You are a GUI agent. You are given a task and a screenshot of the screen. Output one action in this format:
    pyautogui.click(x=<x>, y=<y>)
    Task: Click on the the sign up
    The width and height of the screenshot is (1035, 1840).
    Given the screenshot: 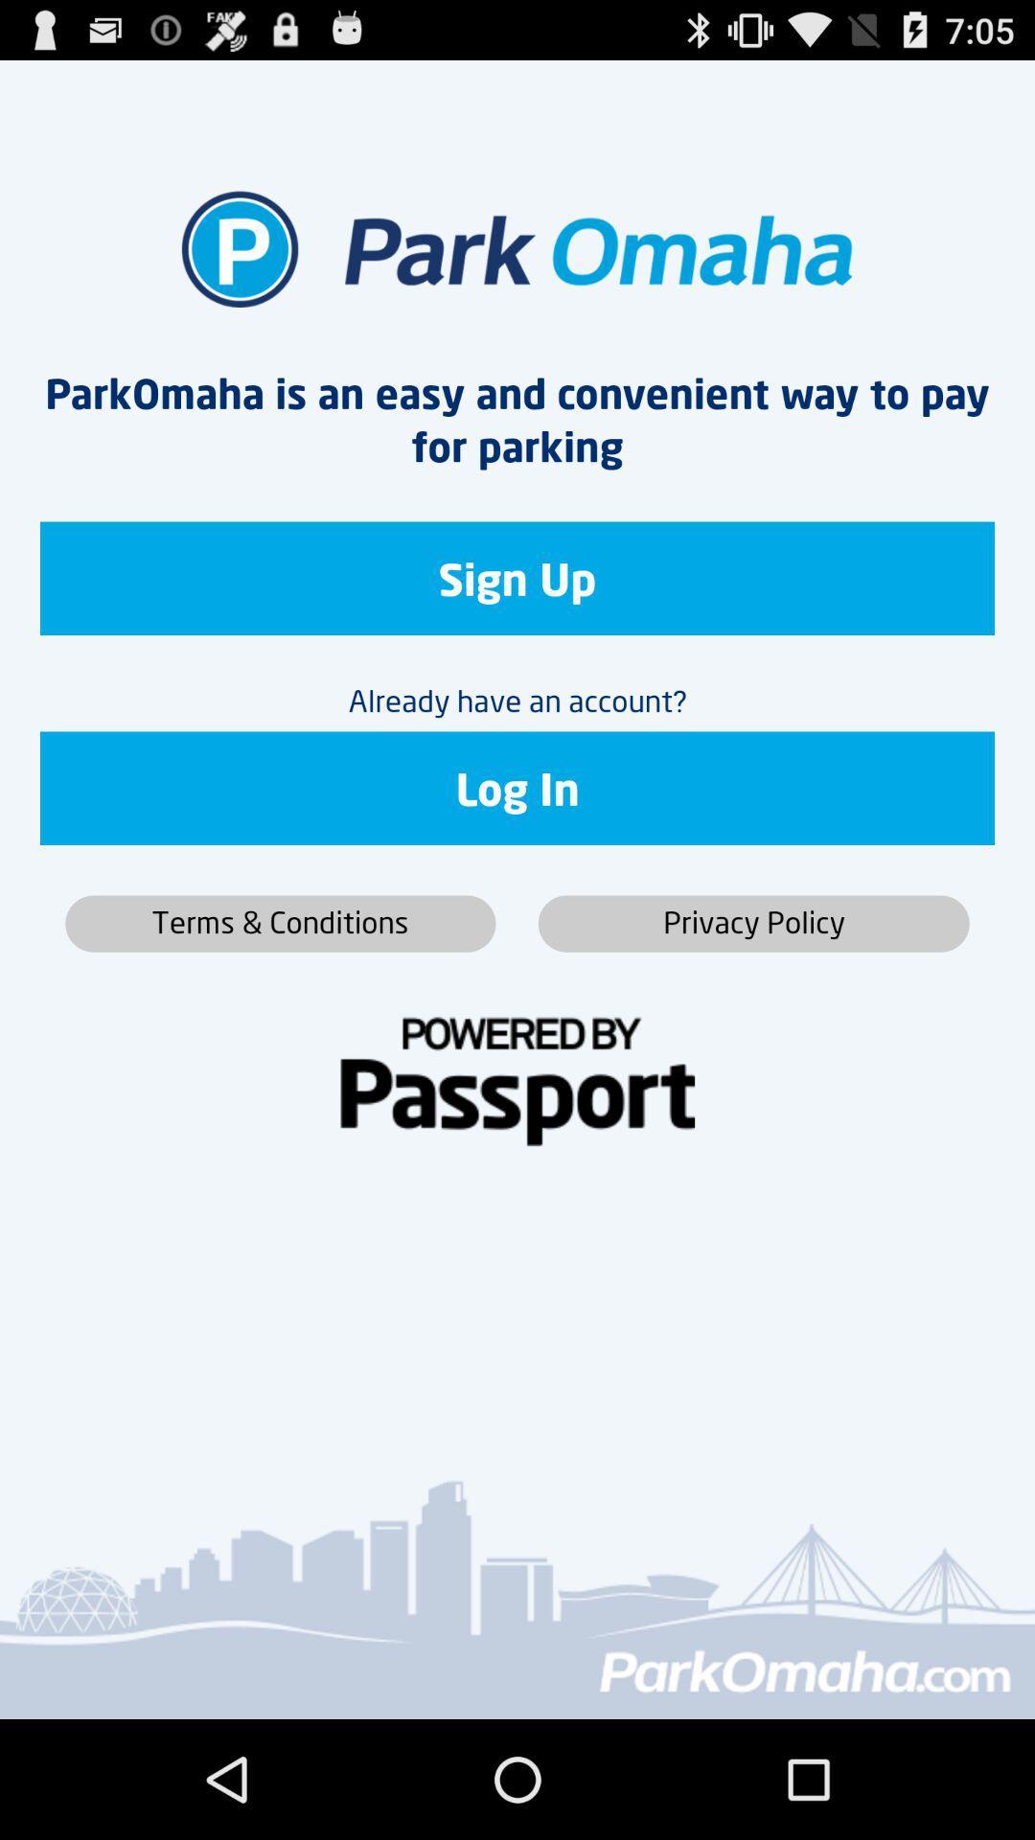 What is the action you would take?
    pyautogui.click(x=517, y=577)
    